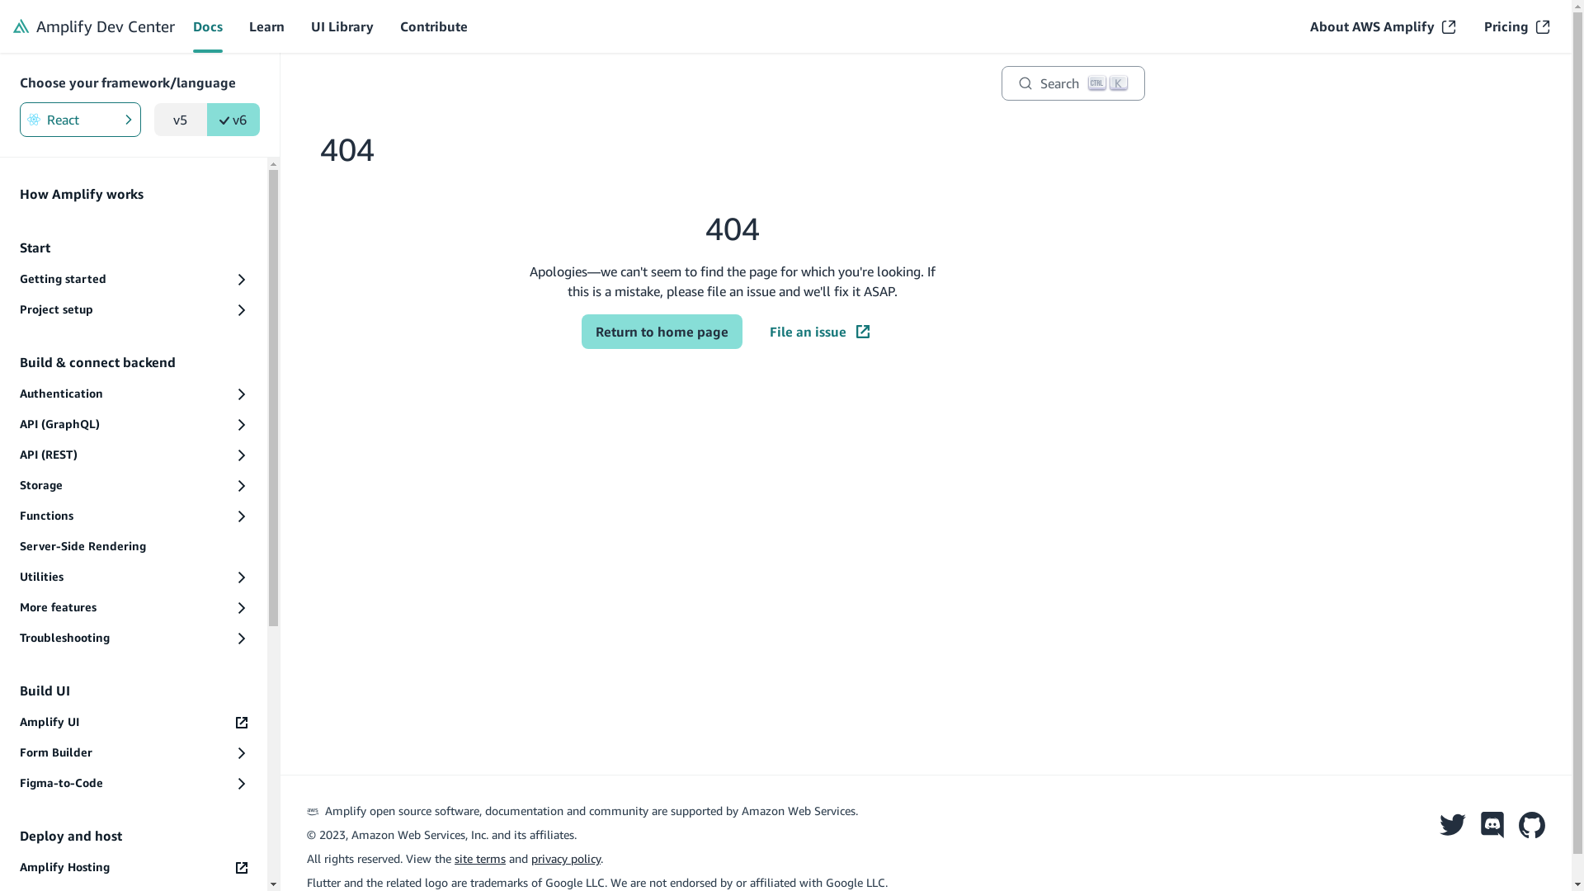 The height and width of the screenshot is (891, 1584). What do you see at coordinates (134, 866) in the screenshot?
I see `'Amplify Hosting'` at bounding box center [134, 866].